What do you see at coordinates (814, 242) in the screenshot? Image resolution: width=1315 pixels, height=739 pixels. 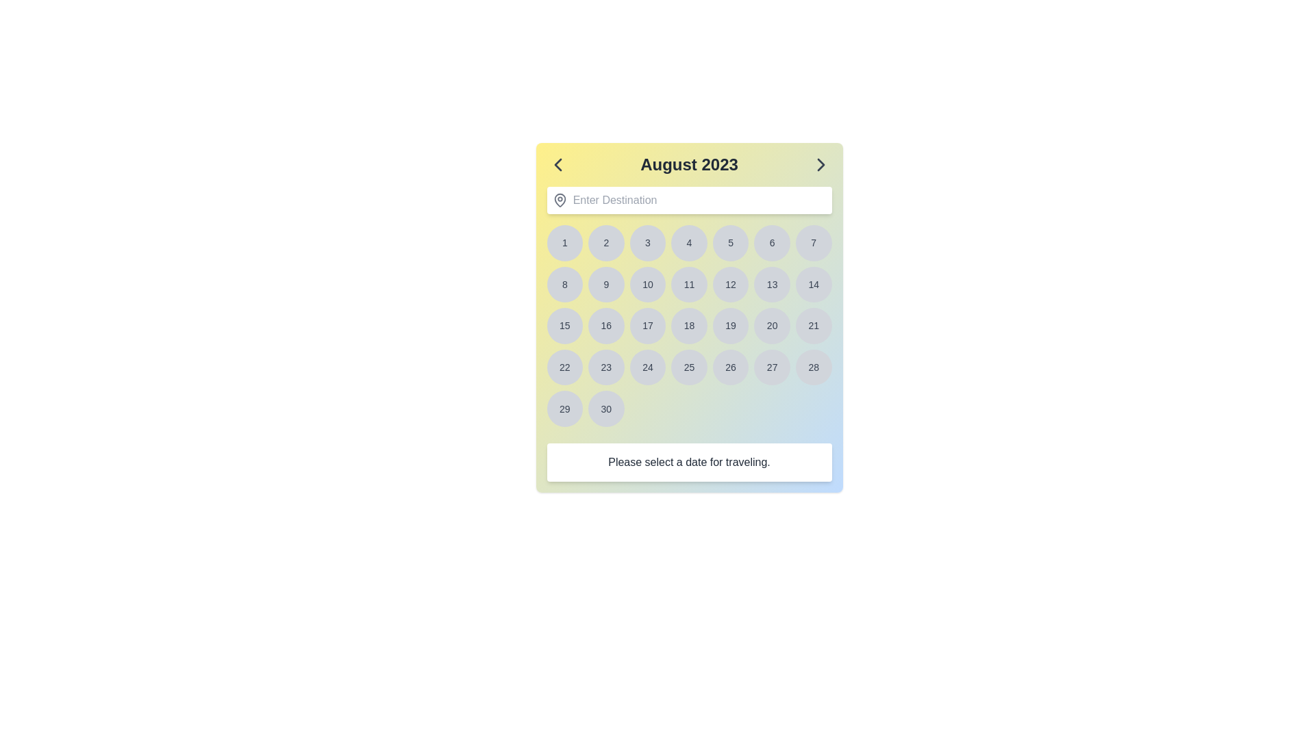 I see `the circular button labeled '7' with a light gray background` at bounding box center [814, 242].